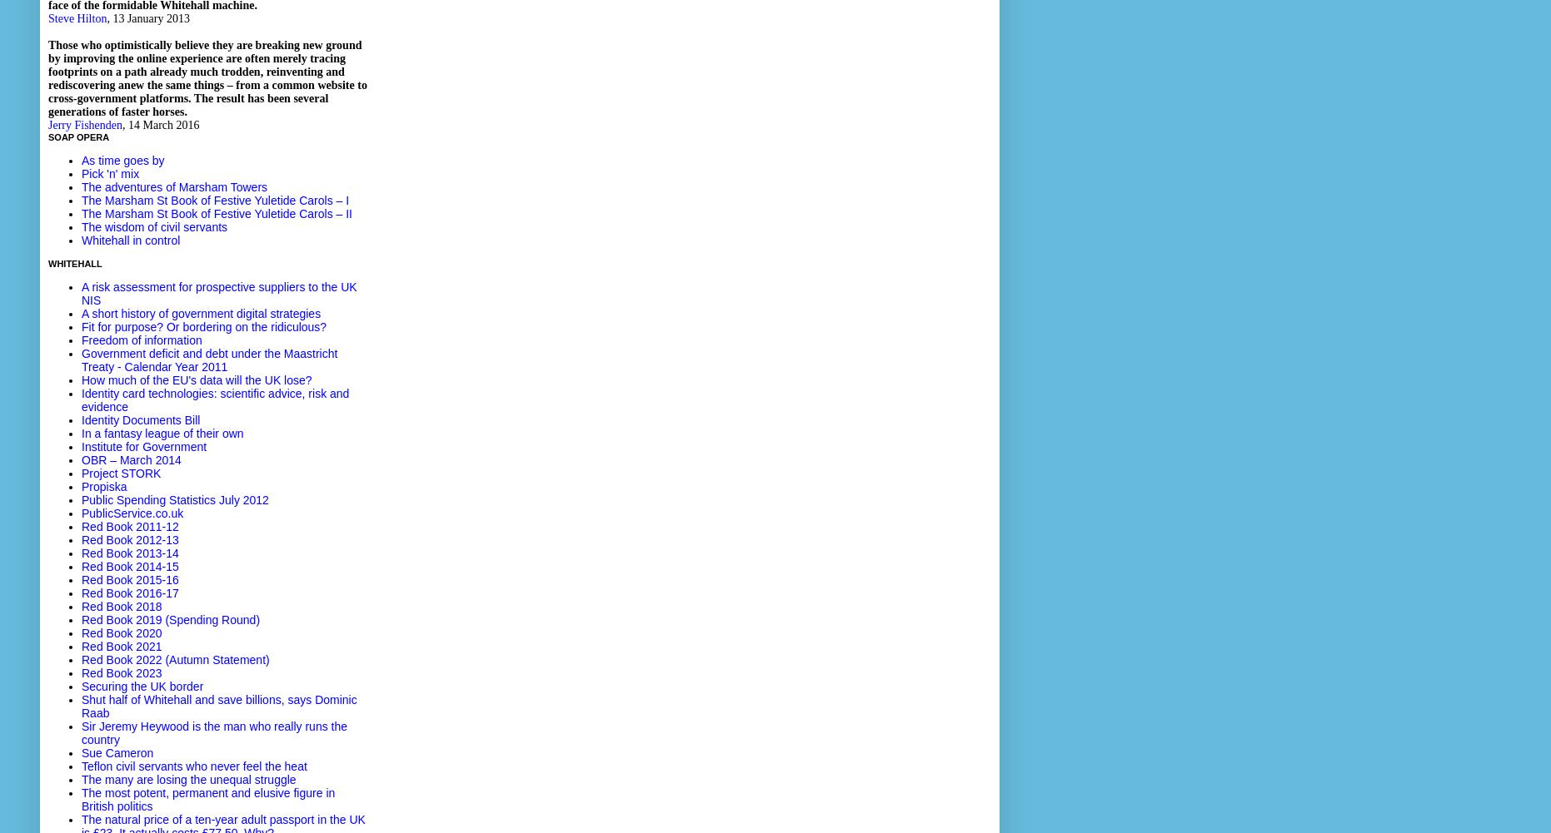  Describe the element at coordinates (110, 174) in the screenshot. I see `'Pick 'n' mix'` at that location.